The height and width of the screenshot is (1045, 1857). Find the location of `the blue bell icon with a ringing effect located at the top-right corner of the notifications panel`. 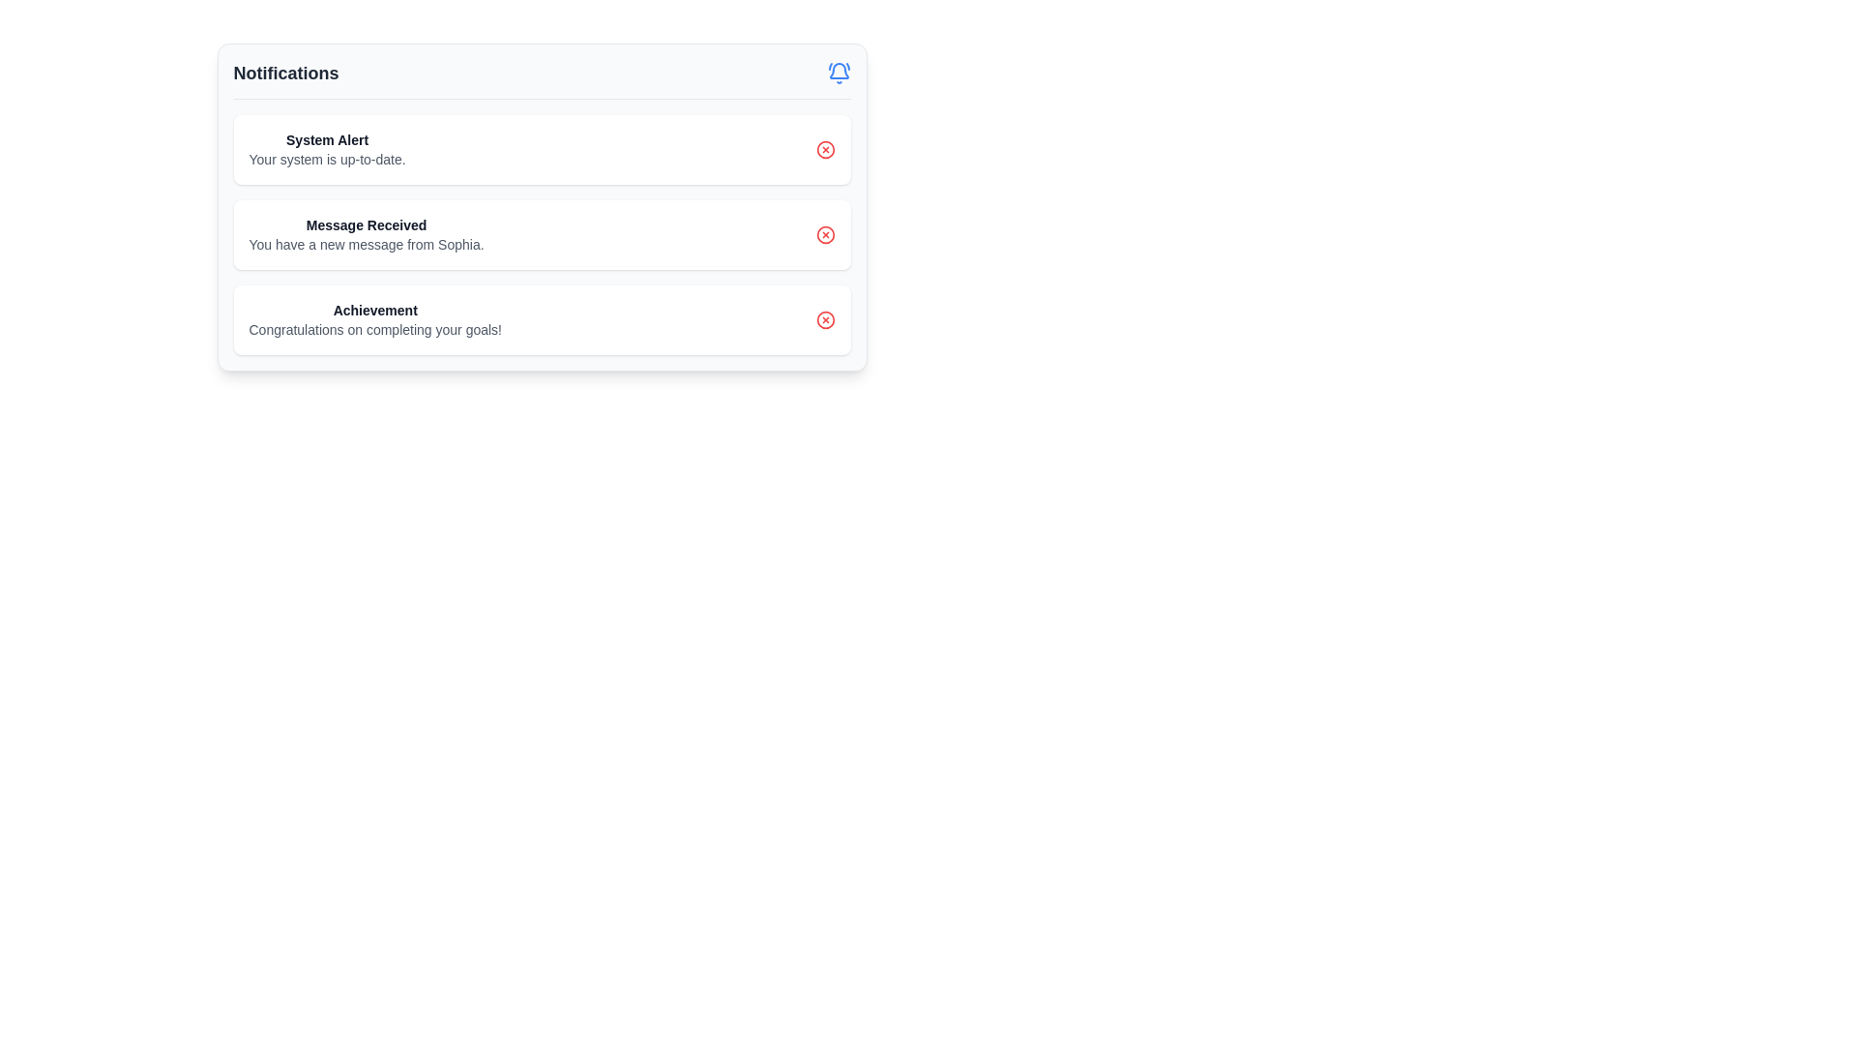

the blue bell icon with a ringing effect located at the top-right corner of the notifications panel is located at coordinates (839, 73).